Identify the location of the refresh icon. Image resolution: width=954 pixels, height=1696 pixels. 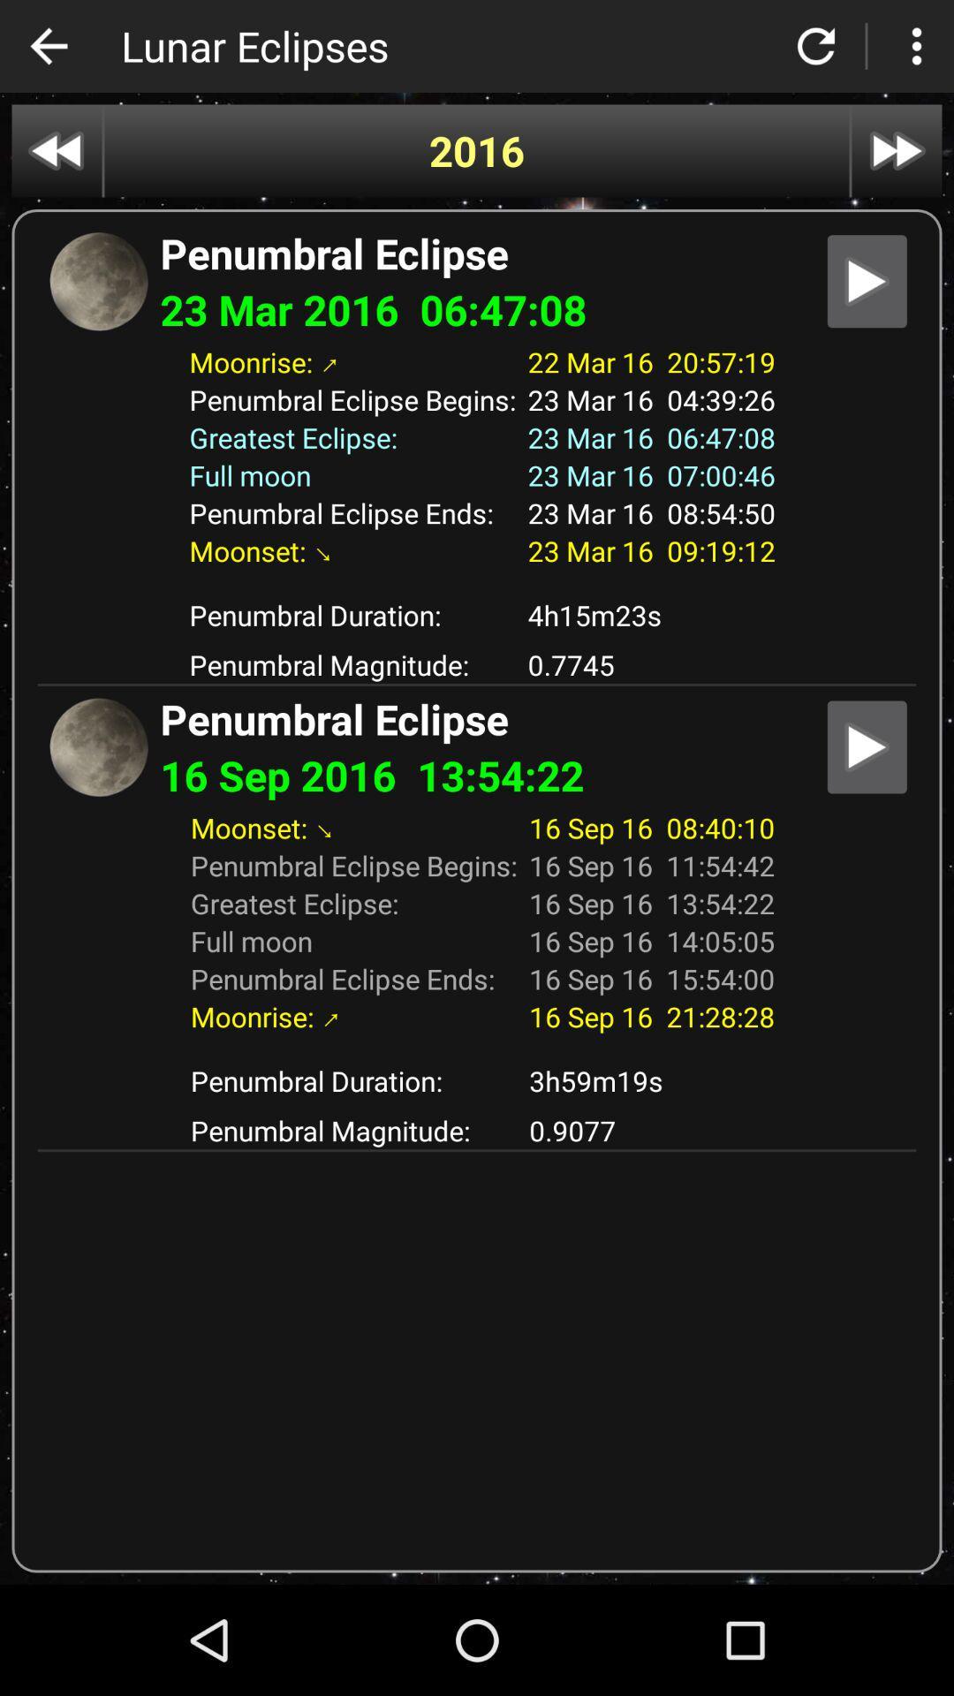
(816, 46).